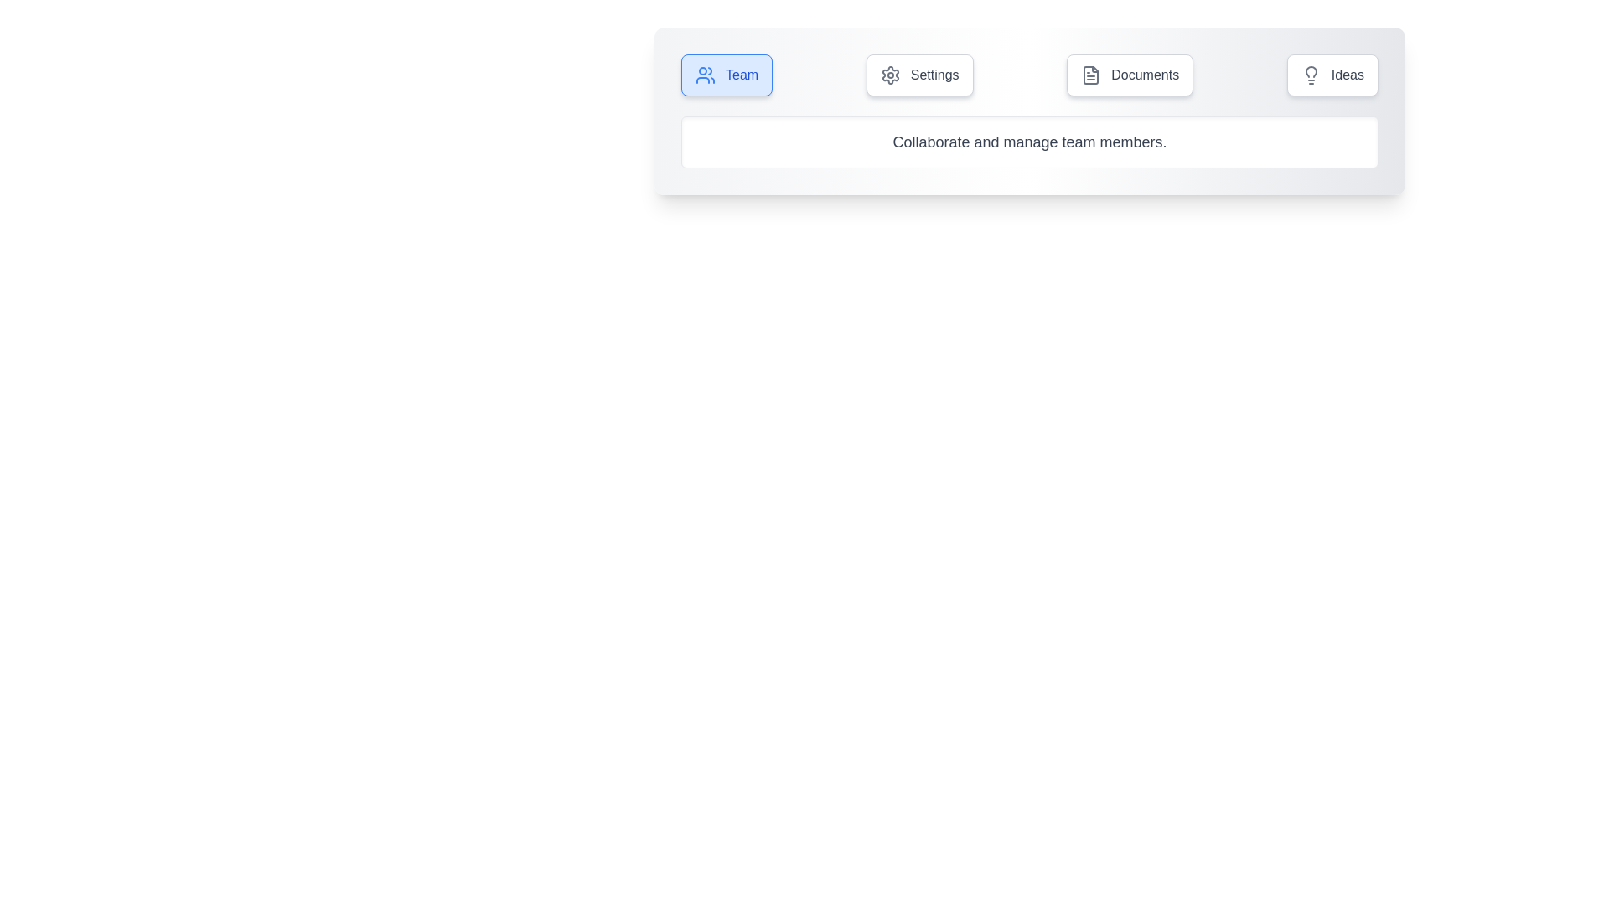 The height and width of the screenshot is (905, 1609). Describe the element at coordinates (918, 74) in the screenshot. I see `the tab labeled Settings to view its content` at that location.